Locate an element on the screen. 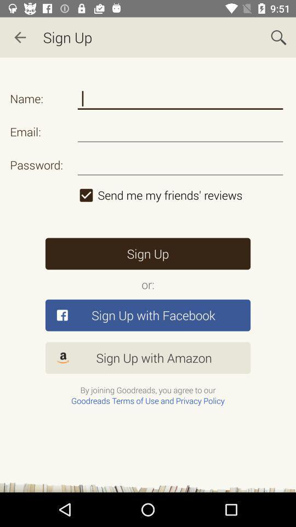 The height and width of the screenshot is (527, 296). typing space button is located at coordinates (180, 98).